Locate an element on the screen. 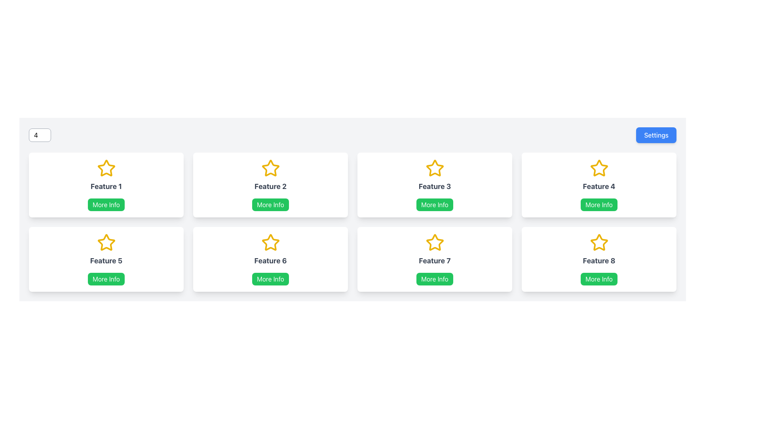 The width and height of the screenshot is (760, 427). the text label that reads 'Feature 6', which is part of a card component located in the bottom row of a grid layout, positioned between a yellow star icon above and a green 'More Info' button below is located at coordinates (270, 261).